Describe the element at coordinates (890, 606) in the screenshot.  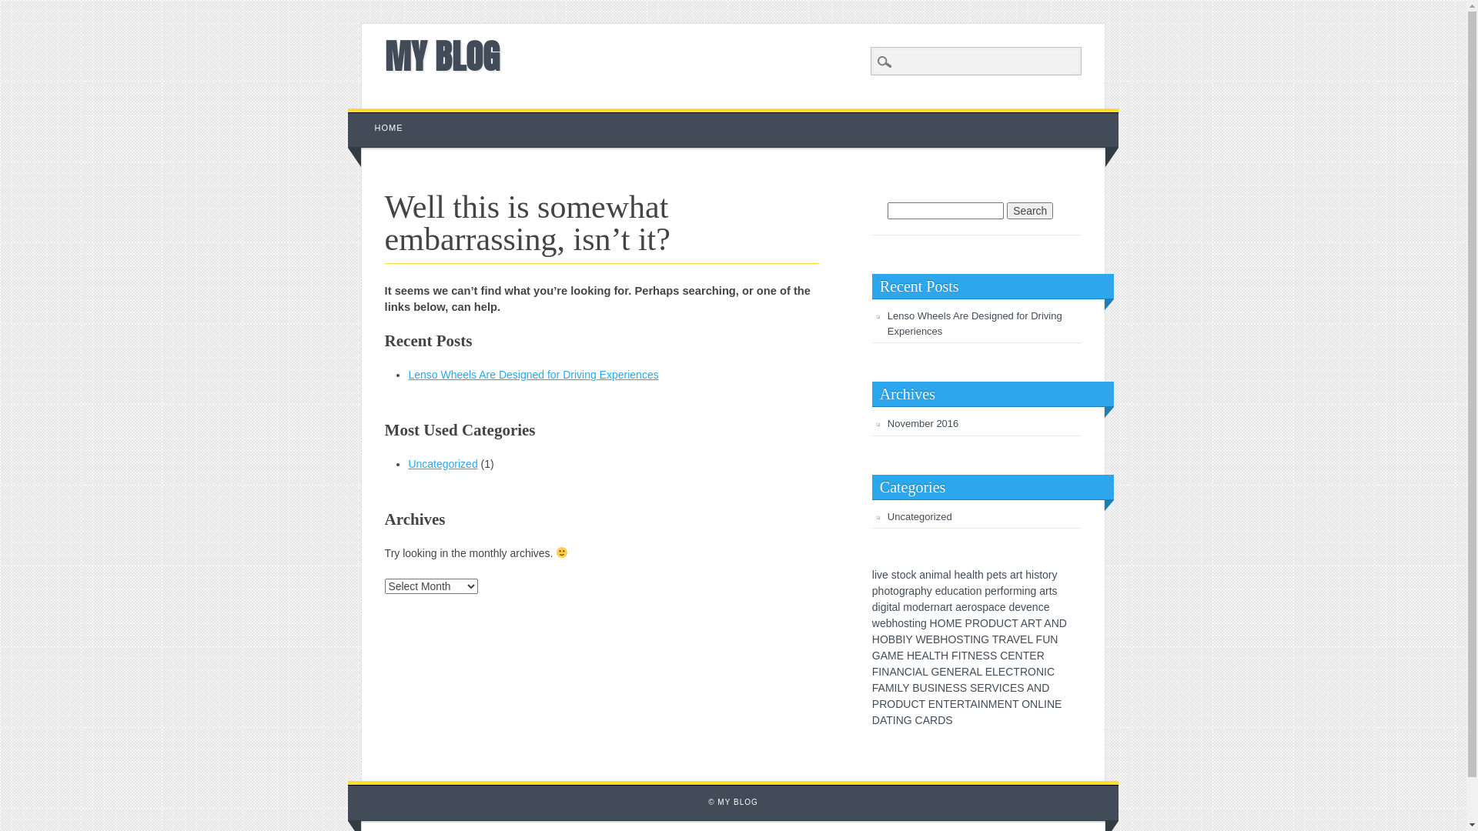
I see `'t'` at that location.